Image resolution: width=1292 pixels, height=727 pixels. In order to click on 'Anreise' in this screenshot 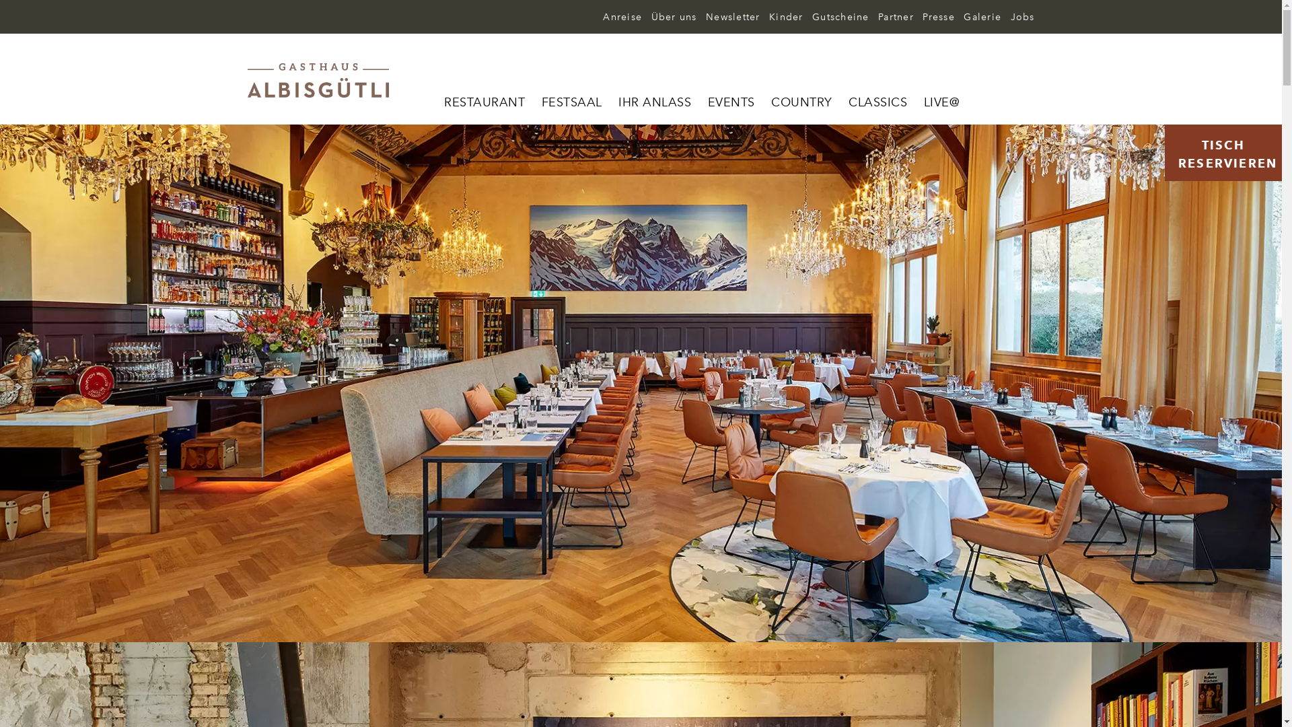, I will do `click(618, 18)`.